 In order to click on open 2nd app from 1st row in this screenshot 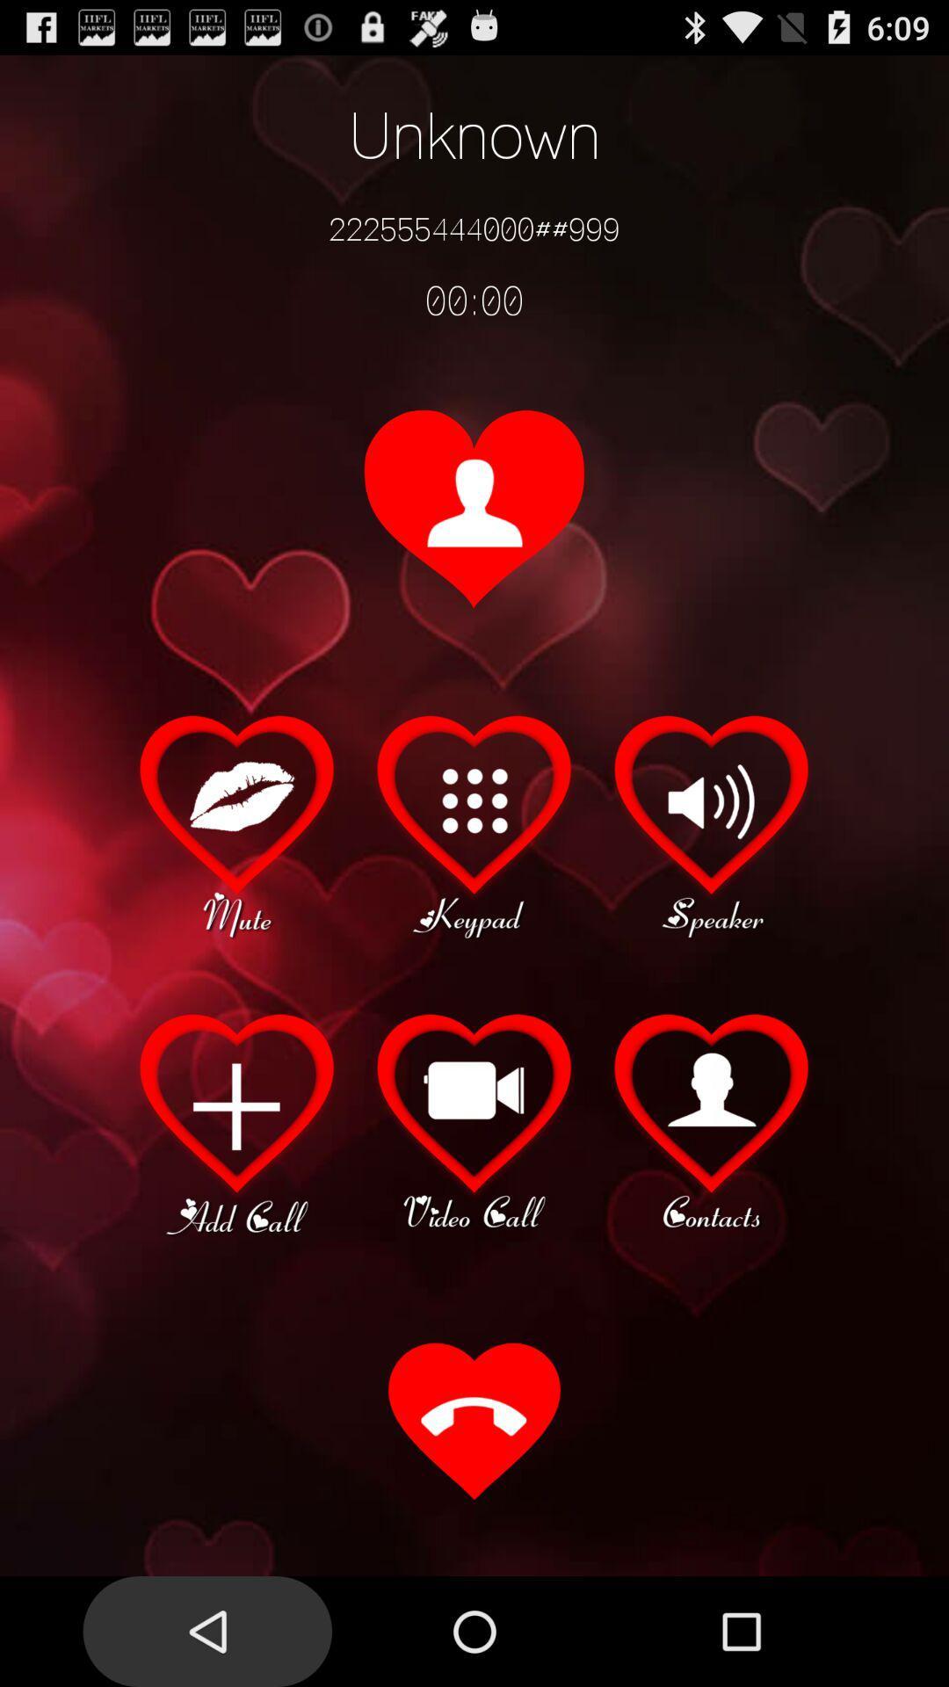, I will do `click(474, 822)`.